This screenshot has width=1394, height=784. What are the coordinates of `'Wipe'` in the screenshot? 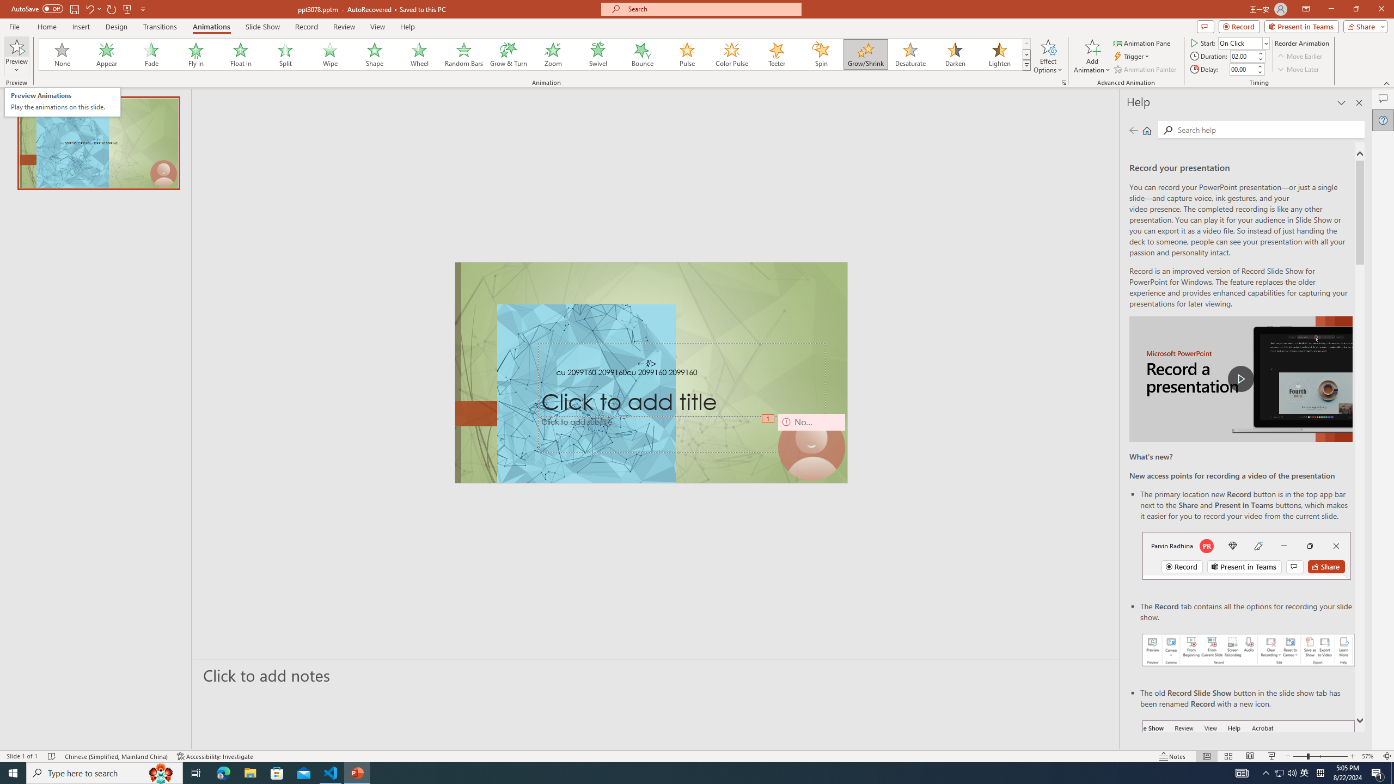 It's located at (330, 54).